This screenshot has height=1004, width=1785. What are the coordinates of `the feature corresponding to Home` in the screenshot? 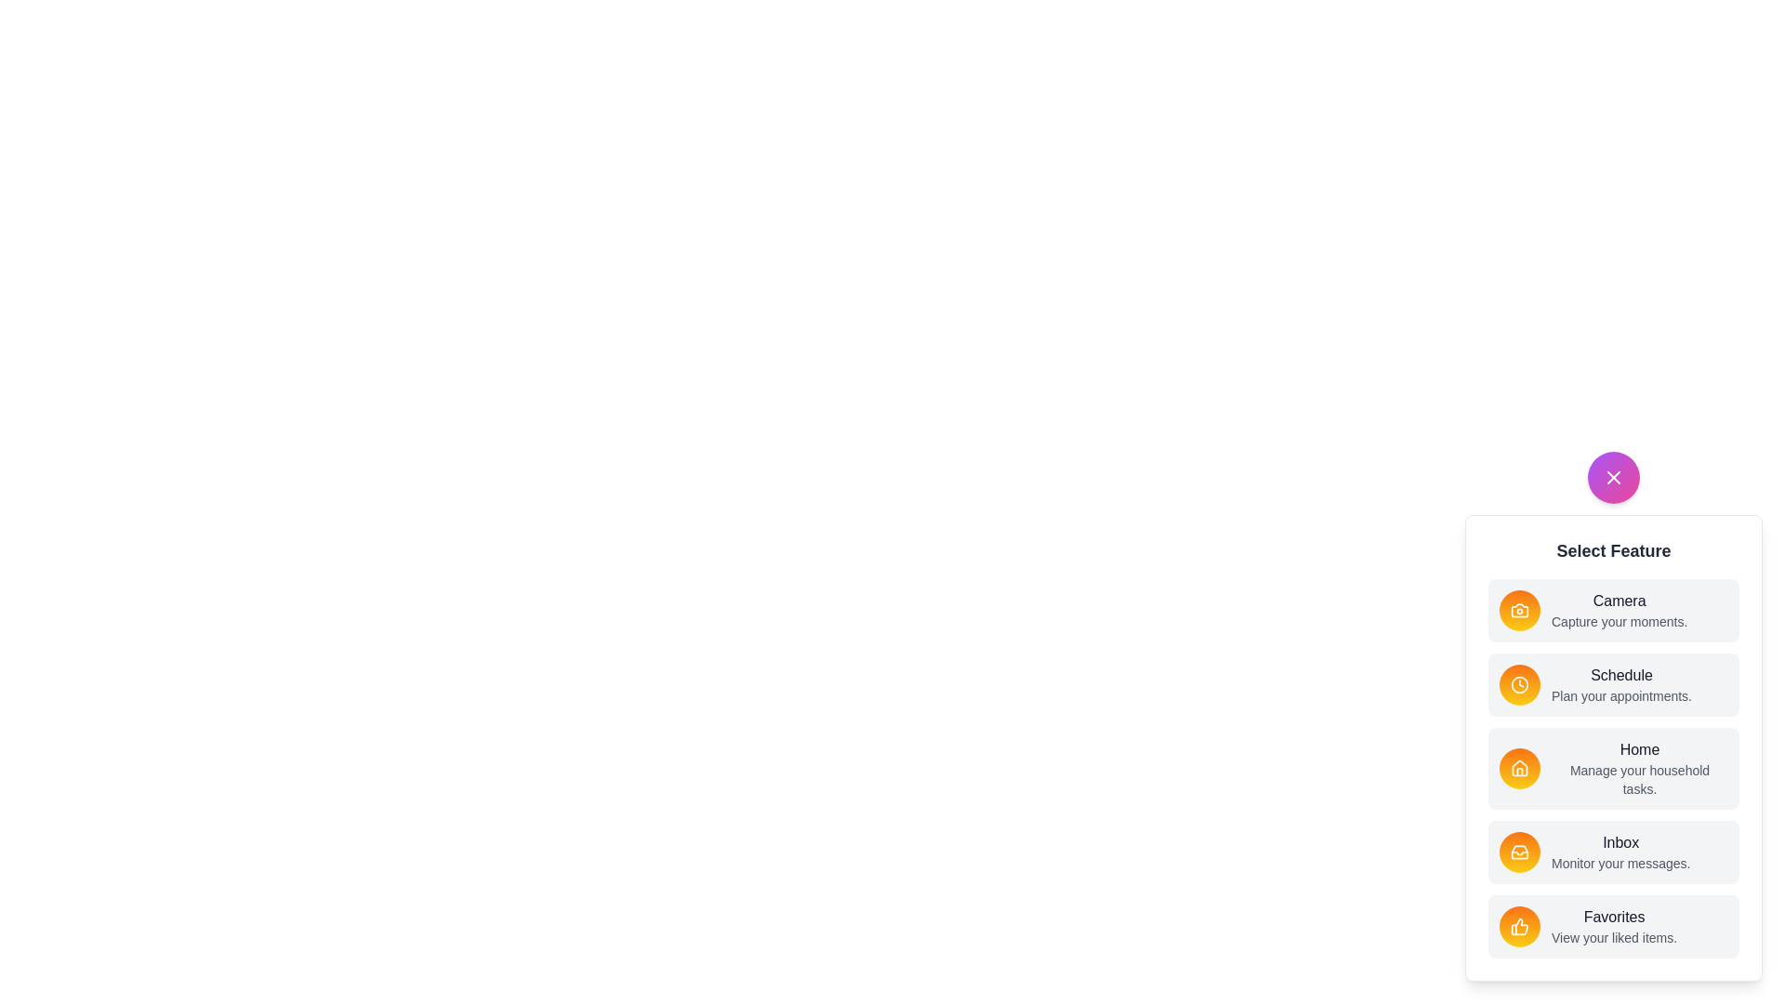 It's located at (1520, 768).